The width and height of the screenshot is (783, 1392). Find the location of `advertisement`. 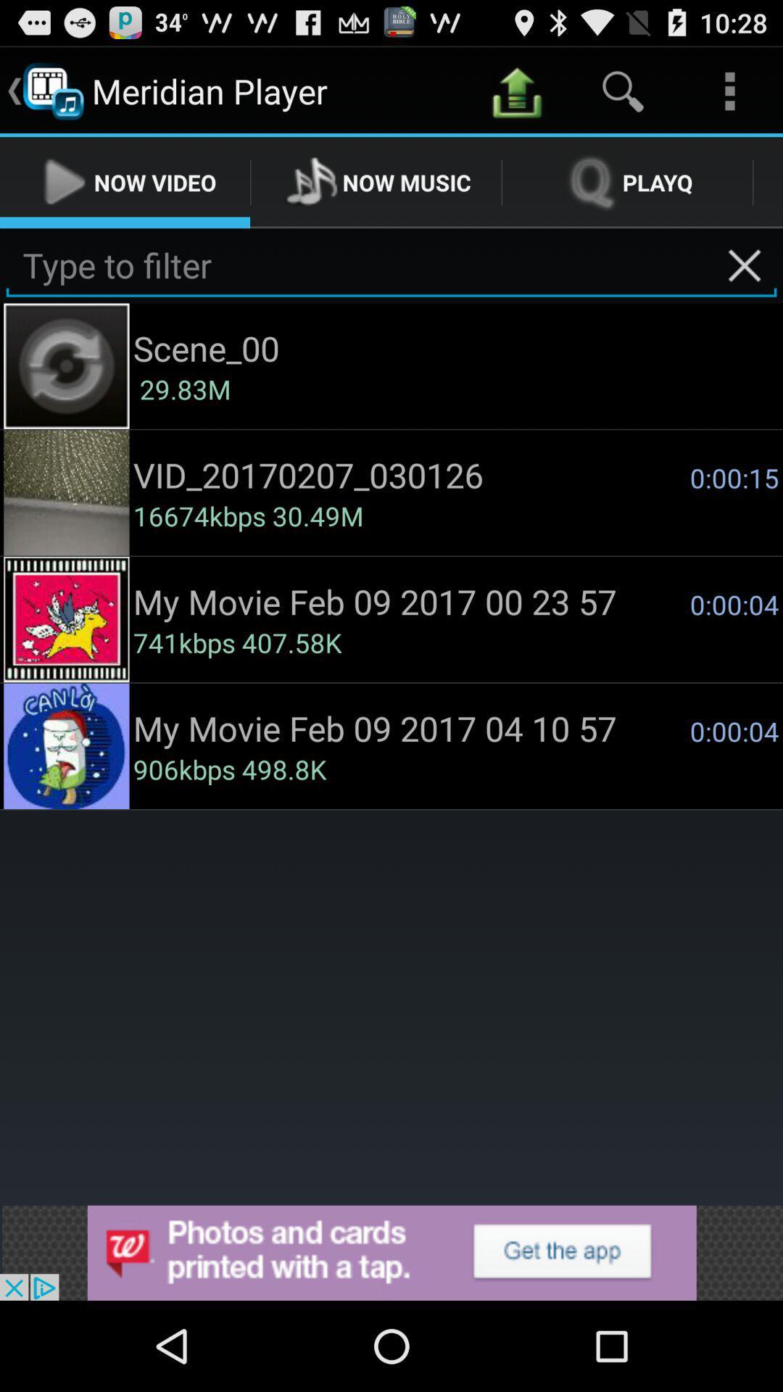

advertisement is located at coordinates (391, 1252).